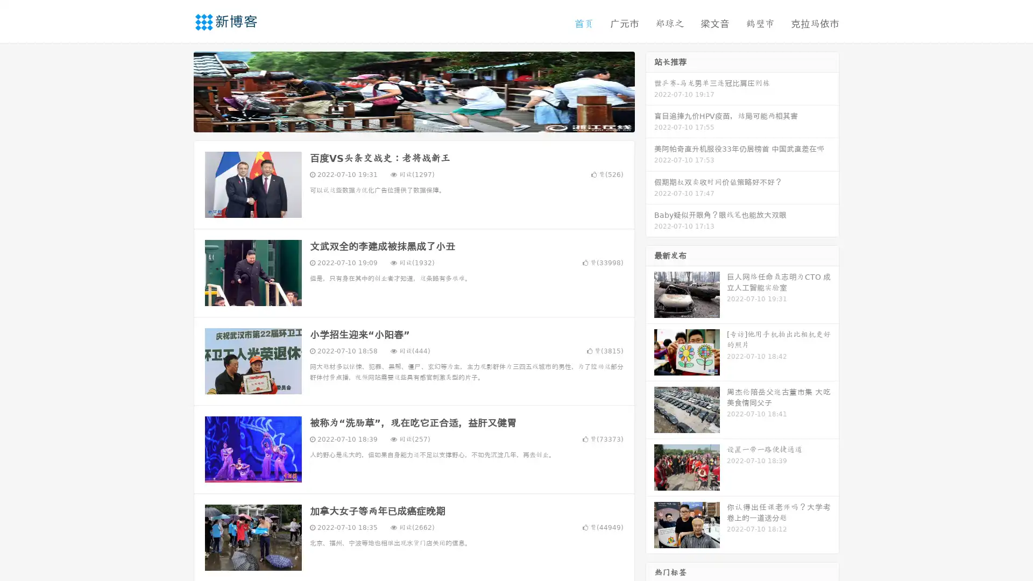 Image resolution: width=1033 pixels, height=581 pixels. Describe the element at coordinates (424, 121) in the screenshot. I see `Go to slide 3` at that location.